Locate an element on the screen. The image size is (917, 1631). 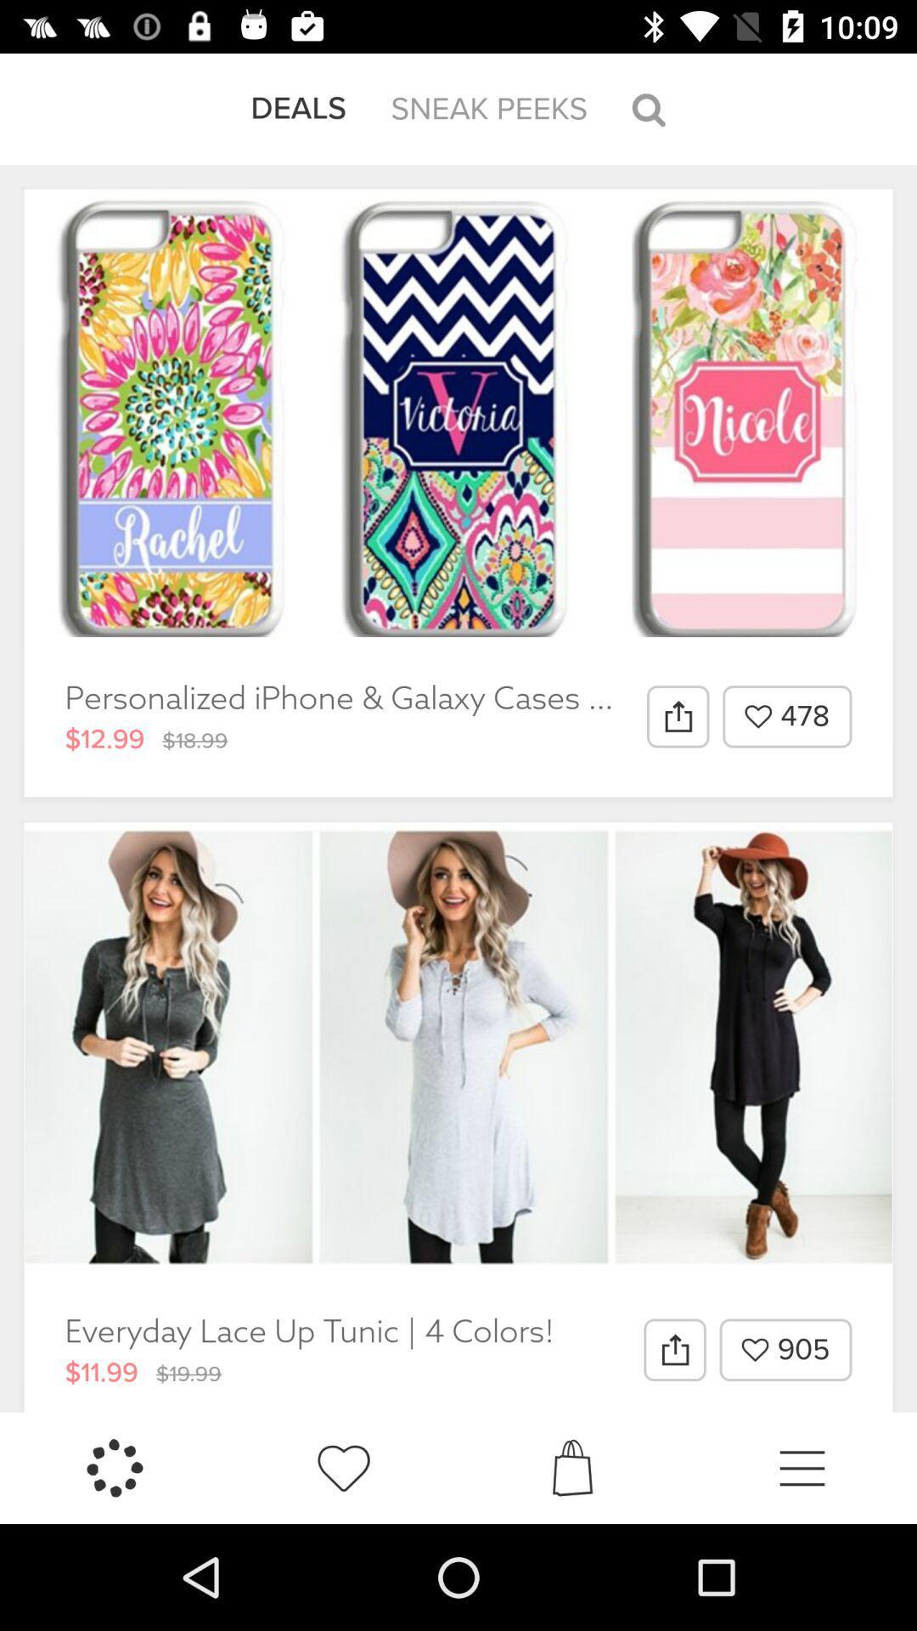
the deals is located at coordinates (297, 108).